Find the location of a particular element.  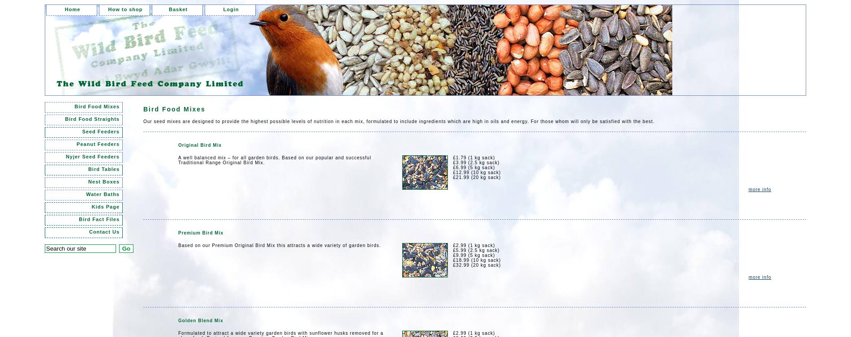

'Based on our Premium Original Bird Mix this attracts a wide variety of garden birds.' is located at coordinates (279, 245).